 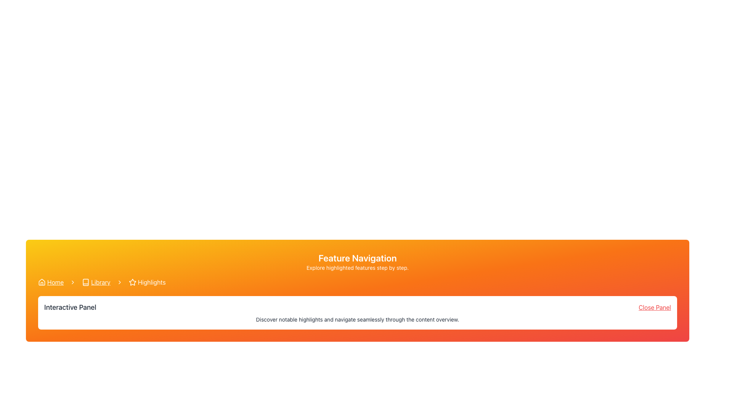 What do you see at coordinates (132, 282) in the screenshot?
I see `the stylized star icon filled with a yellow-orange gradient located in the breadcrumb navigation bar, specifically at the 'Highlights' breadcrumb link` at bounding box center [132, 282].